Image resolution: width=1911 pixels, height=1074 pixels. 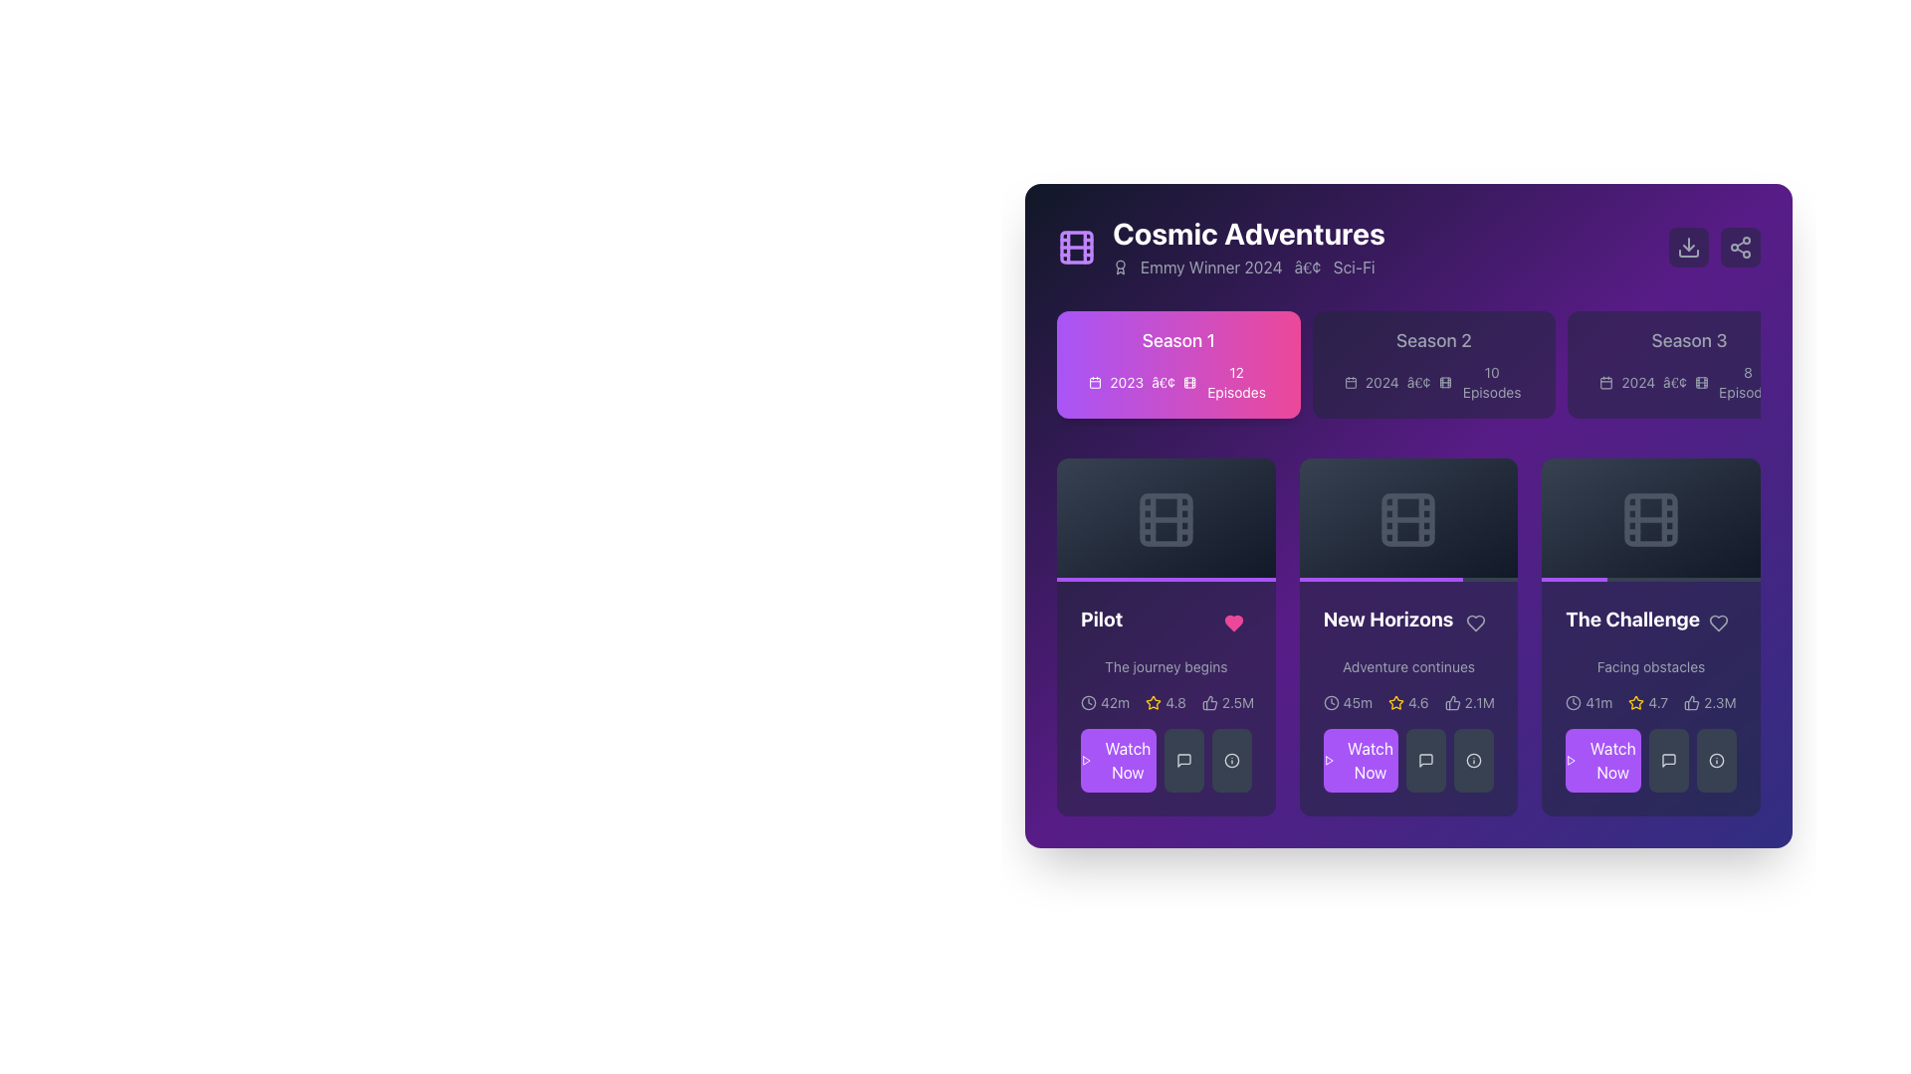 I want to click on the small chat bubble icon, which is the second button in a row of three buttons beneath the 'Pilot' card, so click(x=1183, y=760).